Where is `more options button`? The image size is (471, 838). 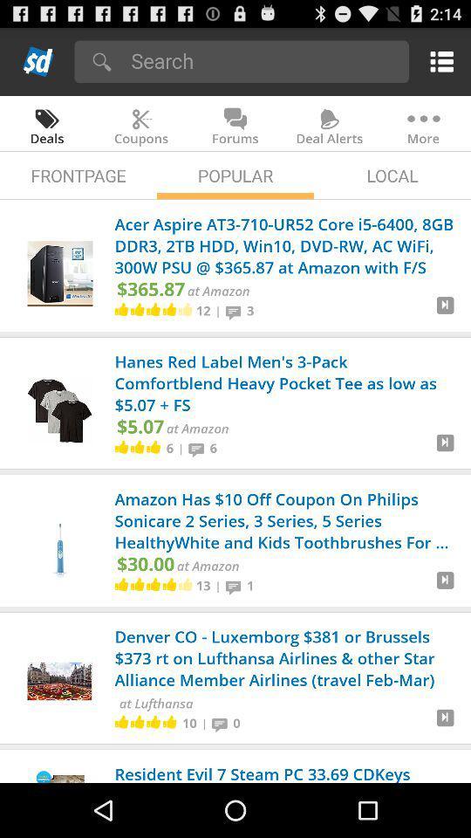 more options button is located at coordinates (438, 61).